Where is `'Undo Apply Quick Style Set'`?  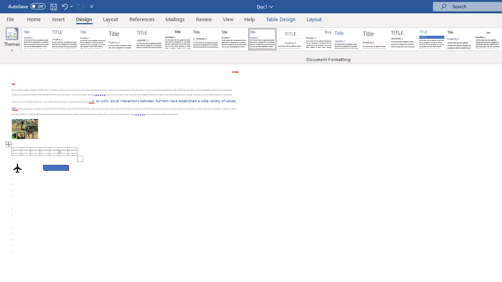 'Undo Apply Quick Style Set' is located at coordinates (64, 6).